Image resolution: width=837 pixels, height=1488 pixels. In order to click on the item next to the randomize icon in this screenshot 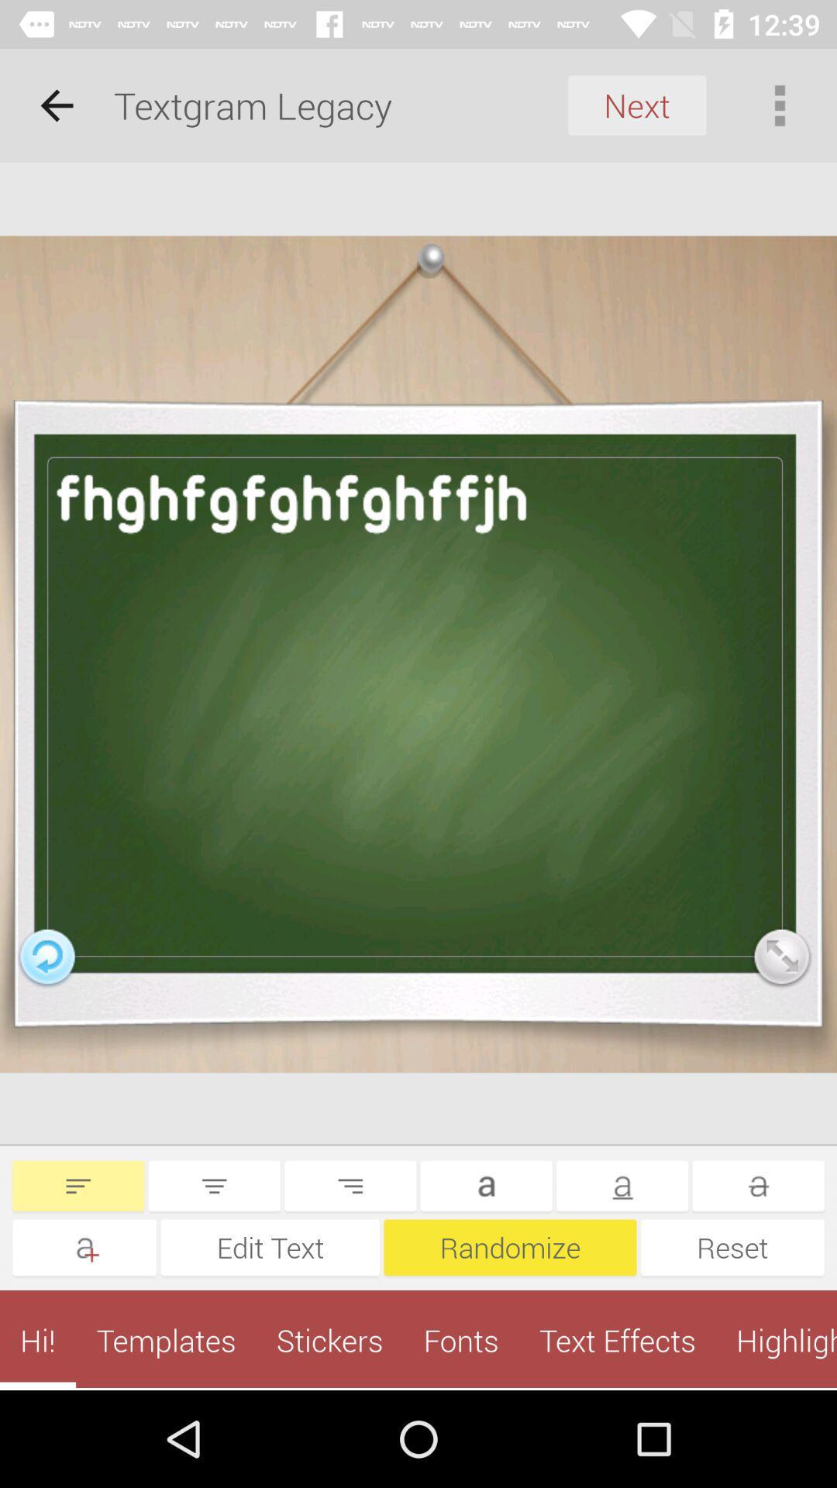, I will do `click(732, 1247)`.